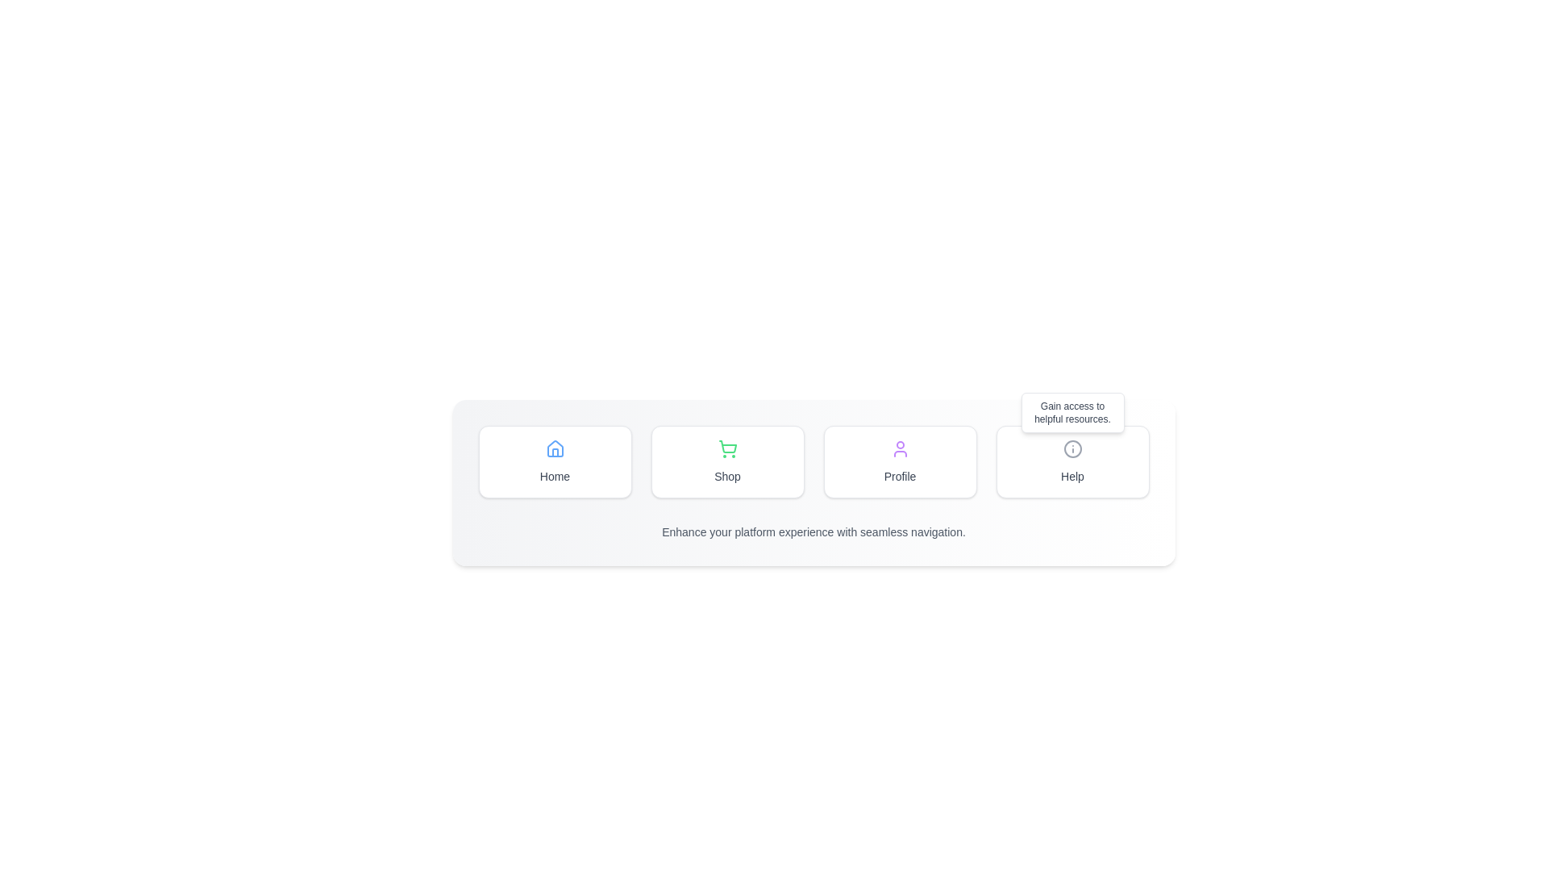 The height and width of the screenshot is (871, 1548). Describe the element at coordinates (726, 447) in the screenshot. I see `the shopping cart icon within the 'Shop' button in the navigation bar` at that location.